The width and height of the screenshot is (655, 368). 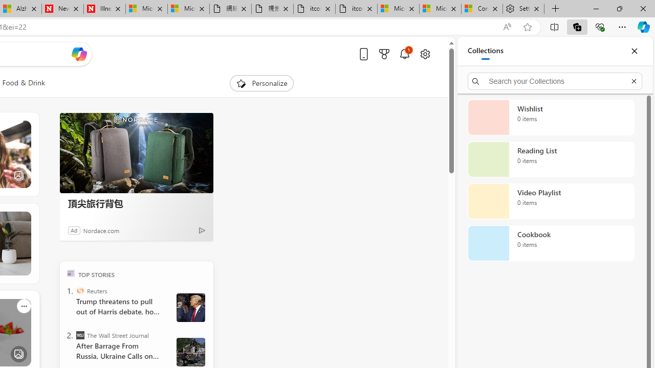 I want to click on 'Open Copilot', so click(x=79, y=54).